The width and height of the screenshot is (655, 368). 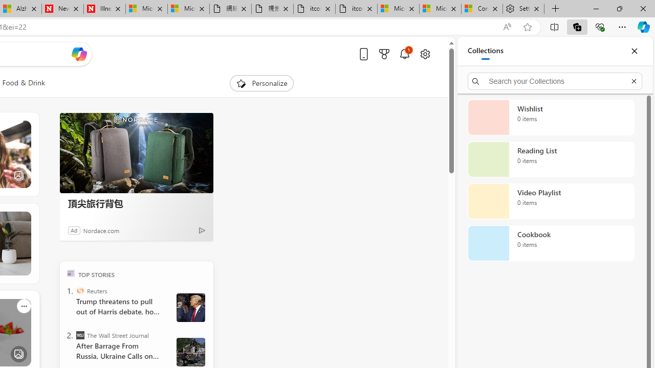 I want to click on 'Open Copilot', so click(x=79, y=54).